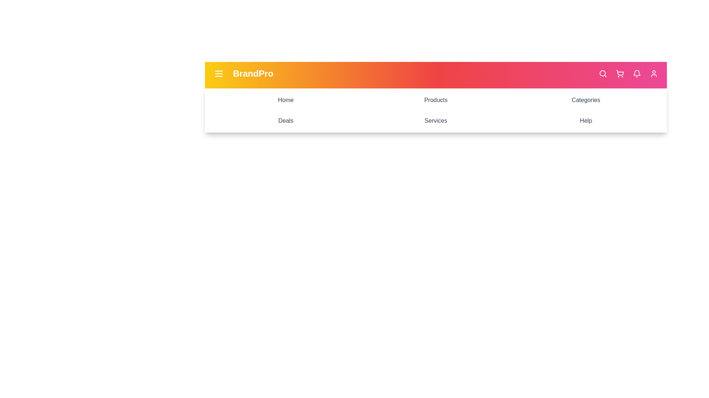 This screenshot has height=398, width=709. I want to click on the menu item labeled Deals to navigate to its section, so click(285, 120).